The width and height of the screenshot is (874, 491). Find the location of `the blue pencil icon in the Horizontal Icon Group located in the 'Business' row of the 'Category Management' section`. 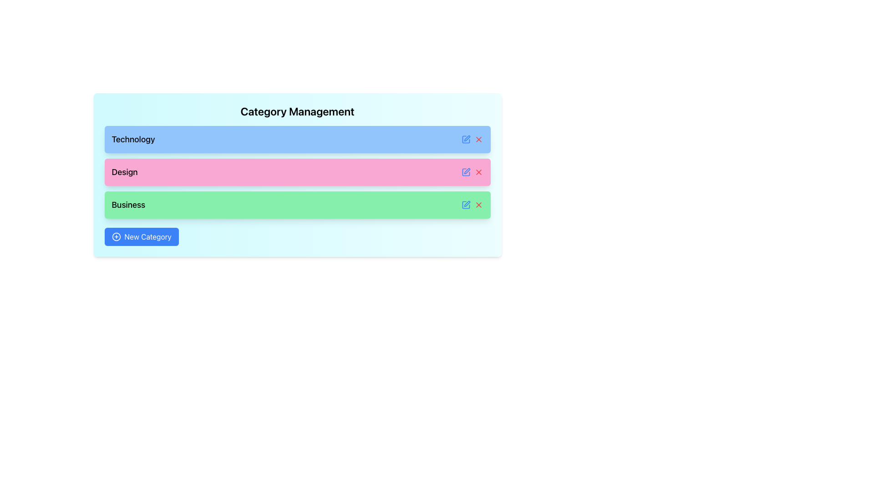

the blue pencil icon in the Horizontal Icon Group located in the 'Business' row of the 'Category Management' section is located at coordinates (472, 205).